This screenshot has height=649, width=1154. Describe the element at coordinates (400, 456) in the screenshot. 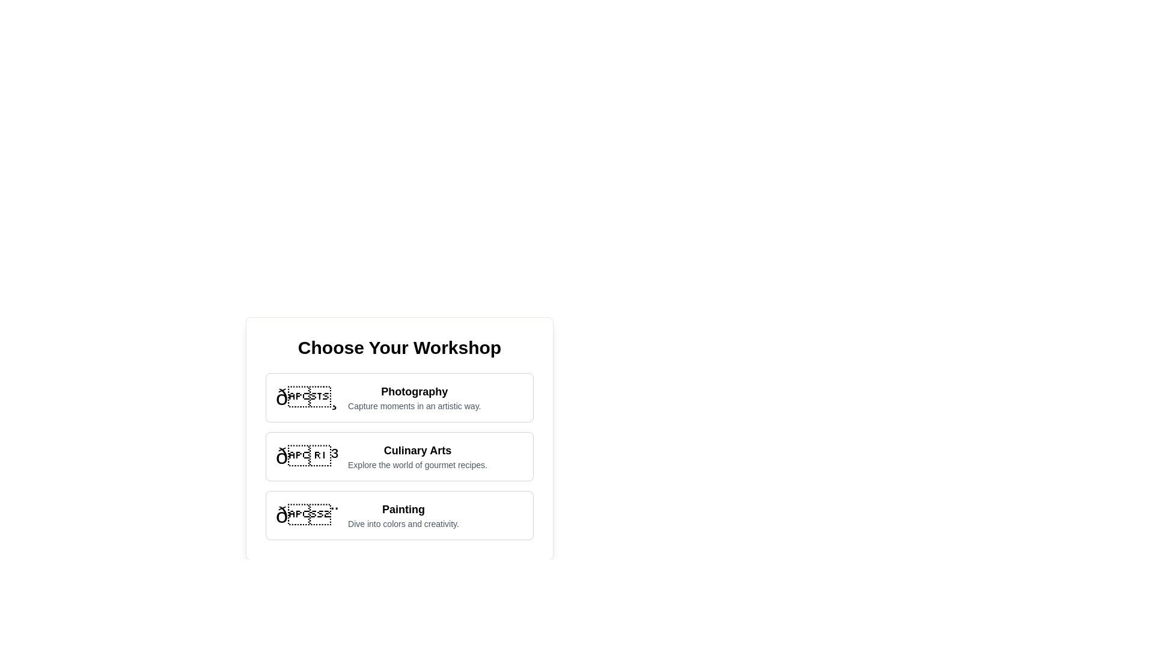

I see `the decorative and informational card-like item in the workshop selection menu, which is the second item in a vertical list below the 'Choose Your Workshop' heading` at that location.